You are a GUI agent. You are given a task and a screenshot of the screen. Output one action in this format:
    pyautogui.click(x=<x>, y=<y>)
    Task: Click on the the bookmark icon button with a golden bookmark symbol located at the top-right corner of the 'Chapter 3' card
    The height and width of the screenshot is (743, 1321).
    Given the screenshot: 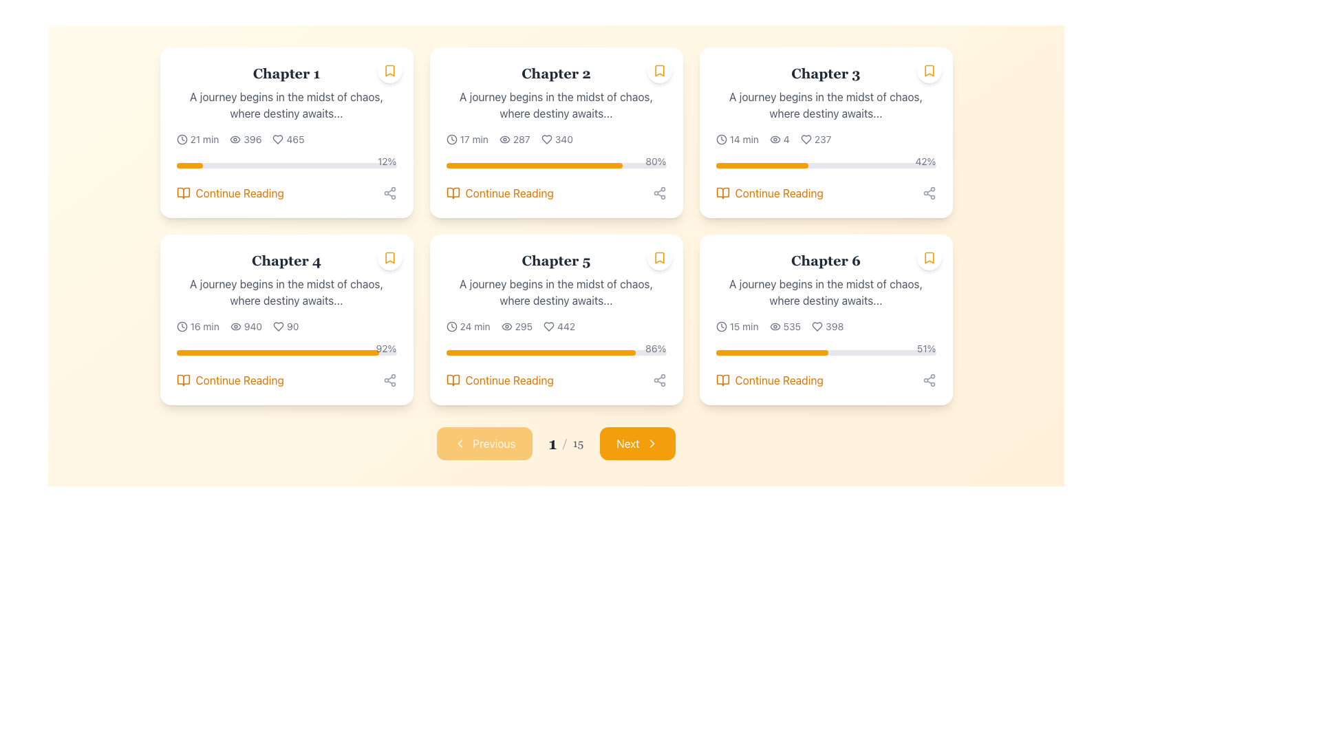 What is the action you would take?
    pyautogui.click(x=929, y=71)
    